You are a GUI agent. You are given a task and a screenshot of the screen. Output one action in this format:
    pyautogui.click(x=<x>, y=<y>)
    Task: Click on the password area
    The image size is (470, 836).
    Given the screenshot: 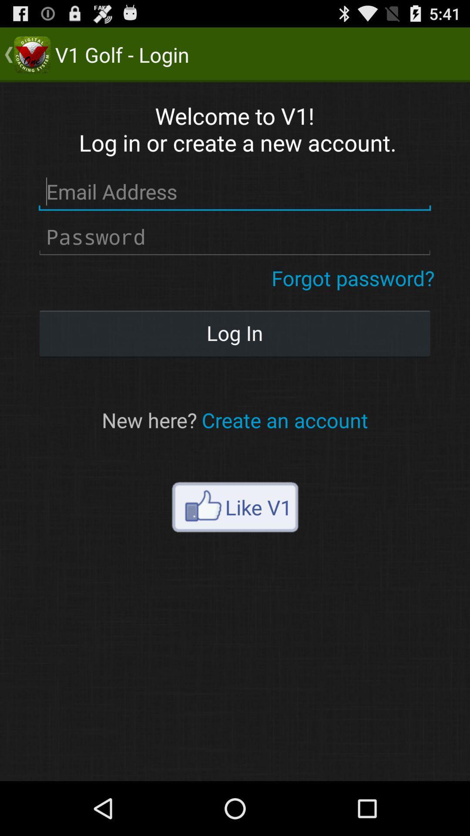 What is the action you would take?
    pyautogui.click(x=234, y=237)
    